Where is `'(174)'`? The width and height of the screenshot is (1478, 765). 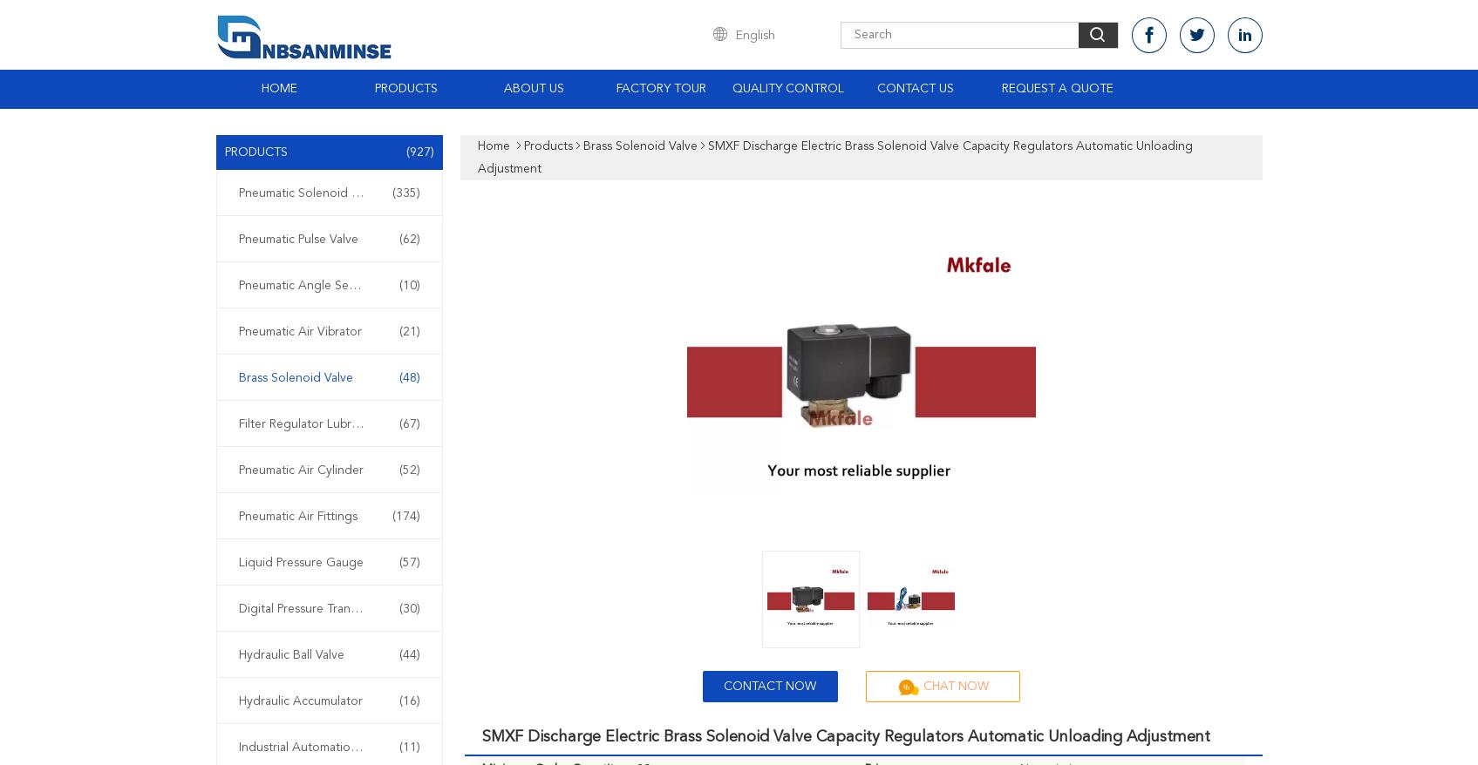
'(174)' is located at coordinates (404, 517).